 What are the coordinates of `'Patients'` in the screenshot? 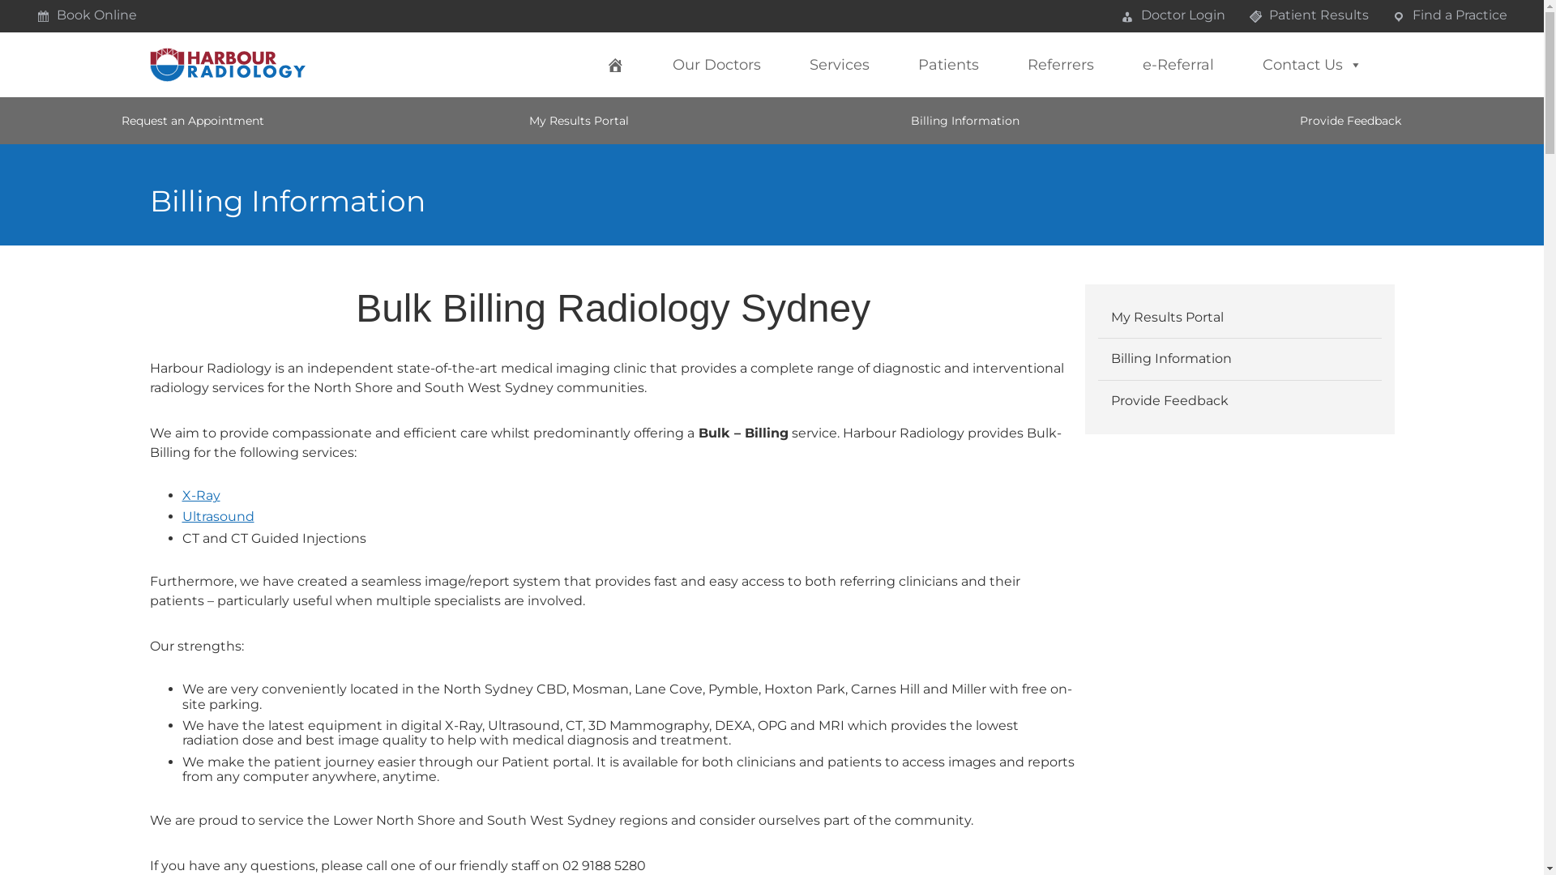 It's located at (947, 64).